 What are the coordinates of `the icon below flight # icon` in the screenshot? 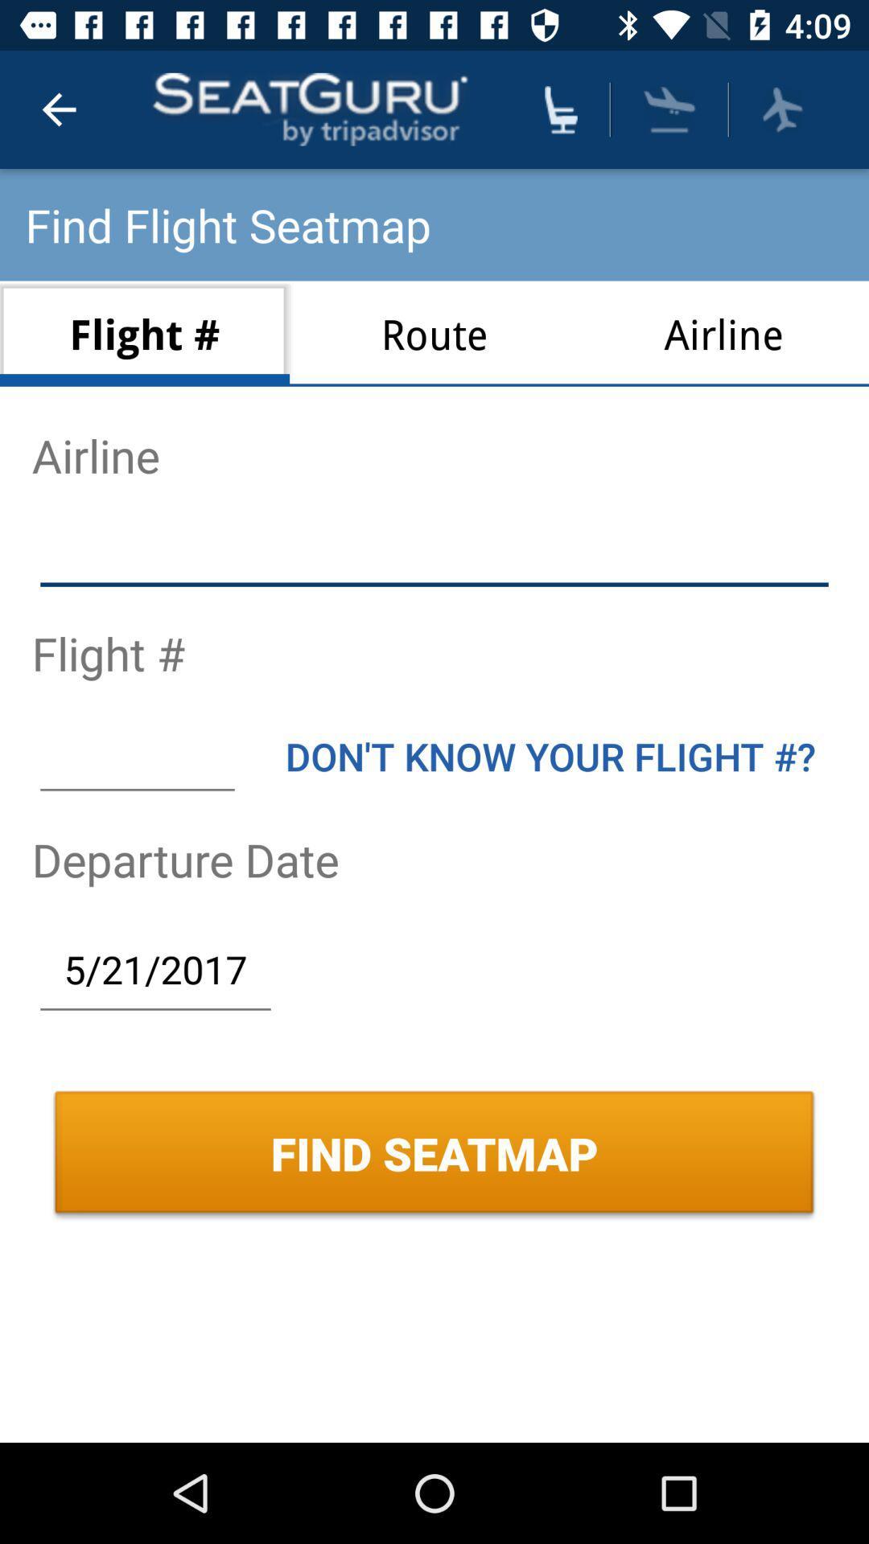 It's located at (136, 755).